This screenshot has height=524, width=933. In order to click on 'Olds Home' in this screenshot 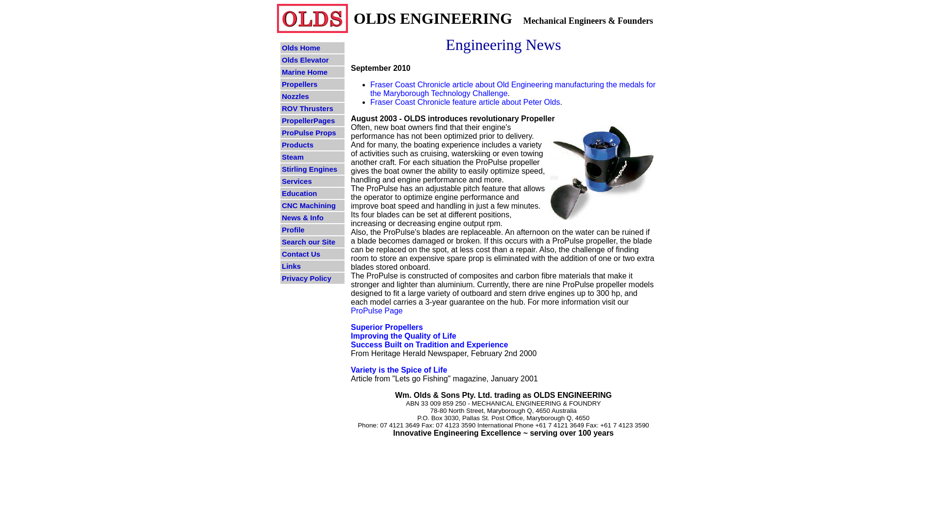, I will do `click(312, 48)`.